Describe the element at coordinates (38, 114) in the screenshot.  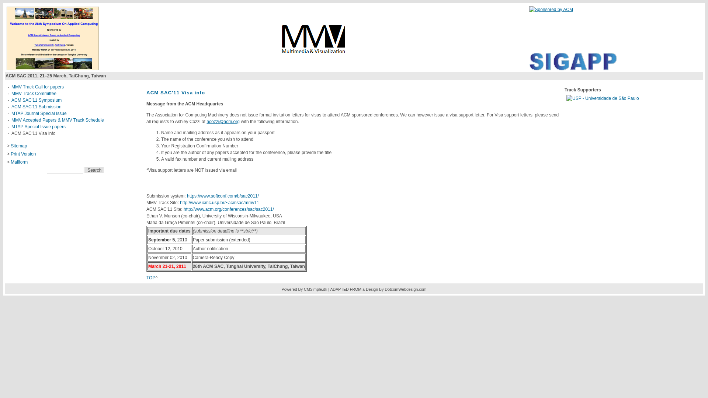
I see `'MTAP Journal Special Issue'` at that location.